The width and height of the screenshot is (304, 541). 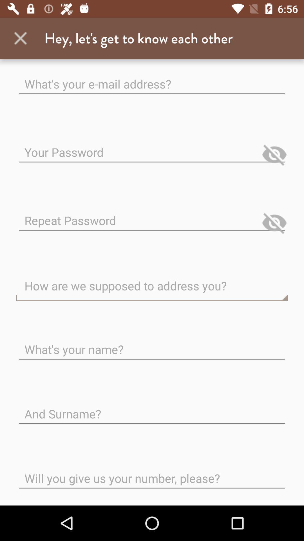 I want to click on password entry, so click(x=152, y=148).